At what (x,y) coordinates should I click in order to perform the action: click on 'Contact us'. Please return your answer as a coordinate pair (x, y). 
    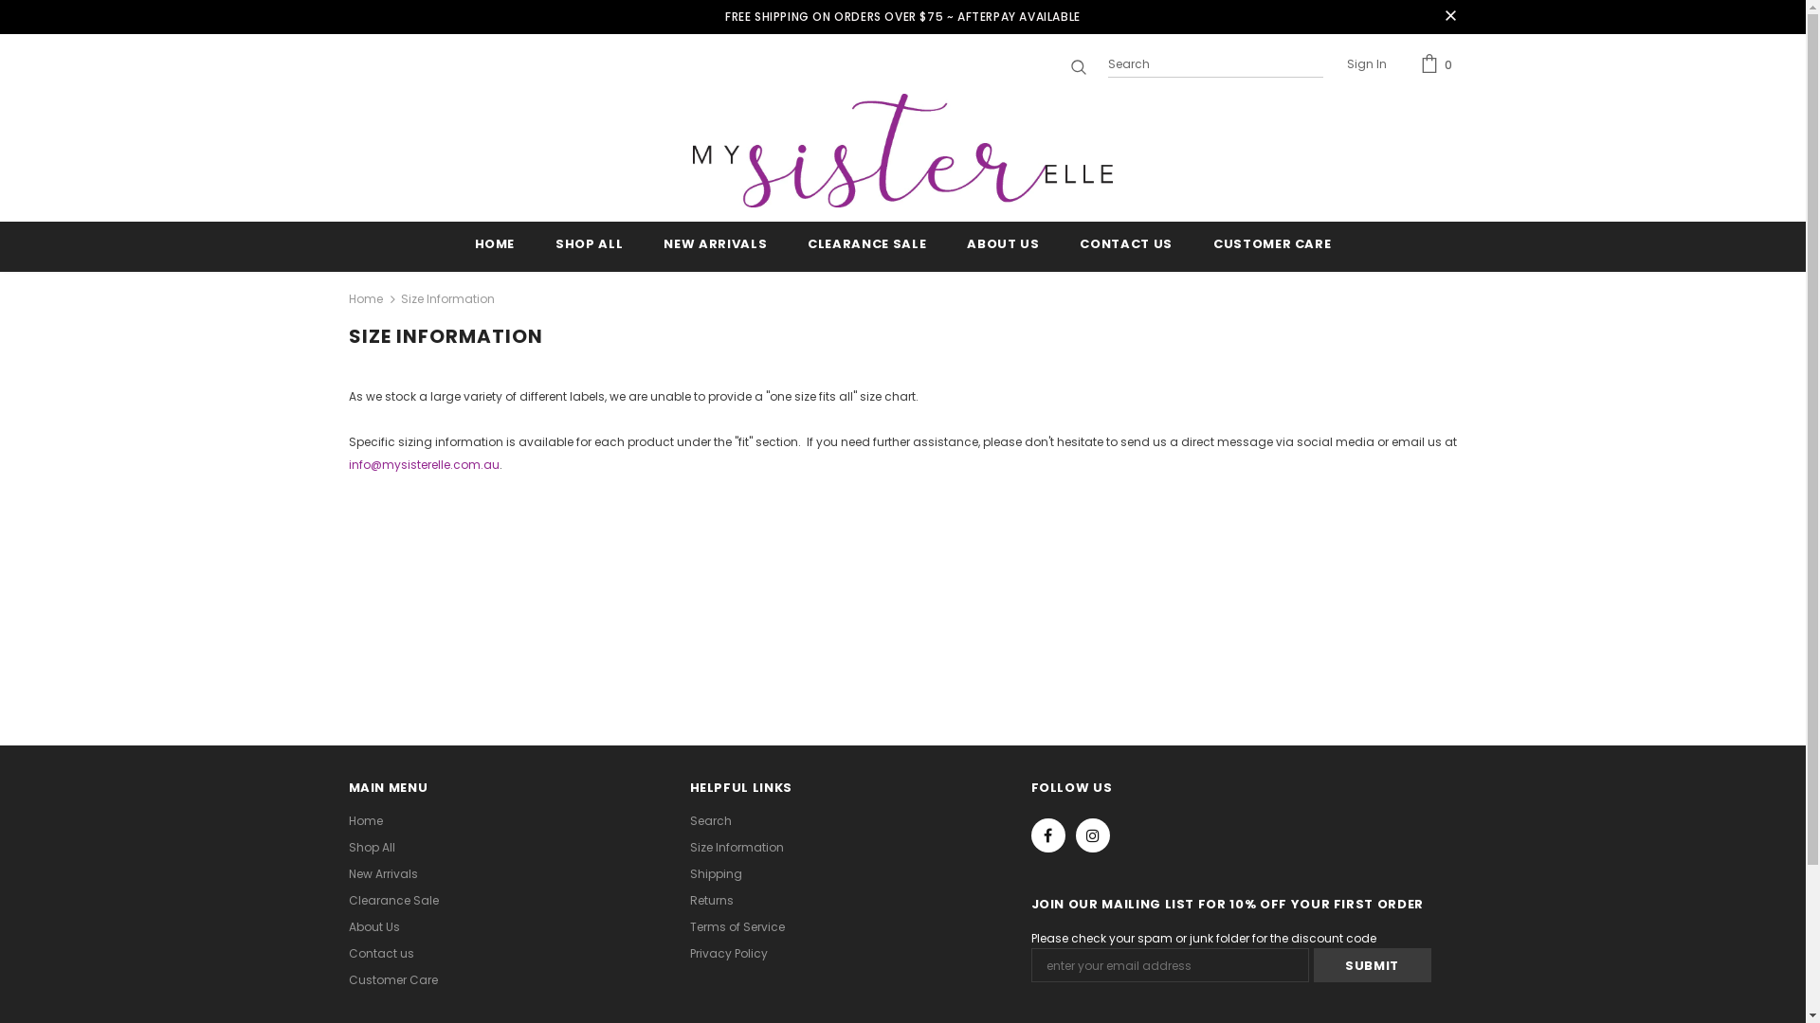
    Looking at the image, I should click on (380, 953).